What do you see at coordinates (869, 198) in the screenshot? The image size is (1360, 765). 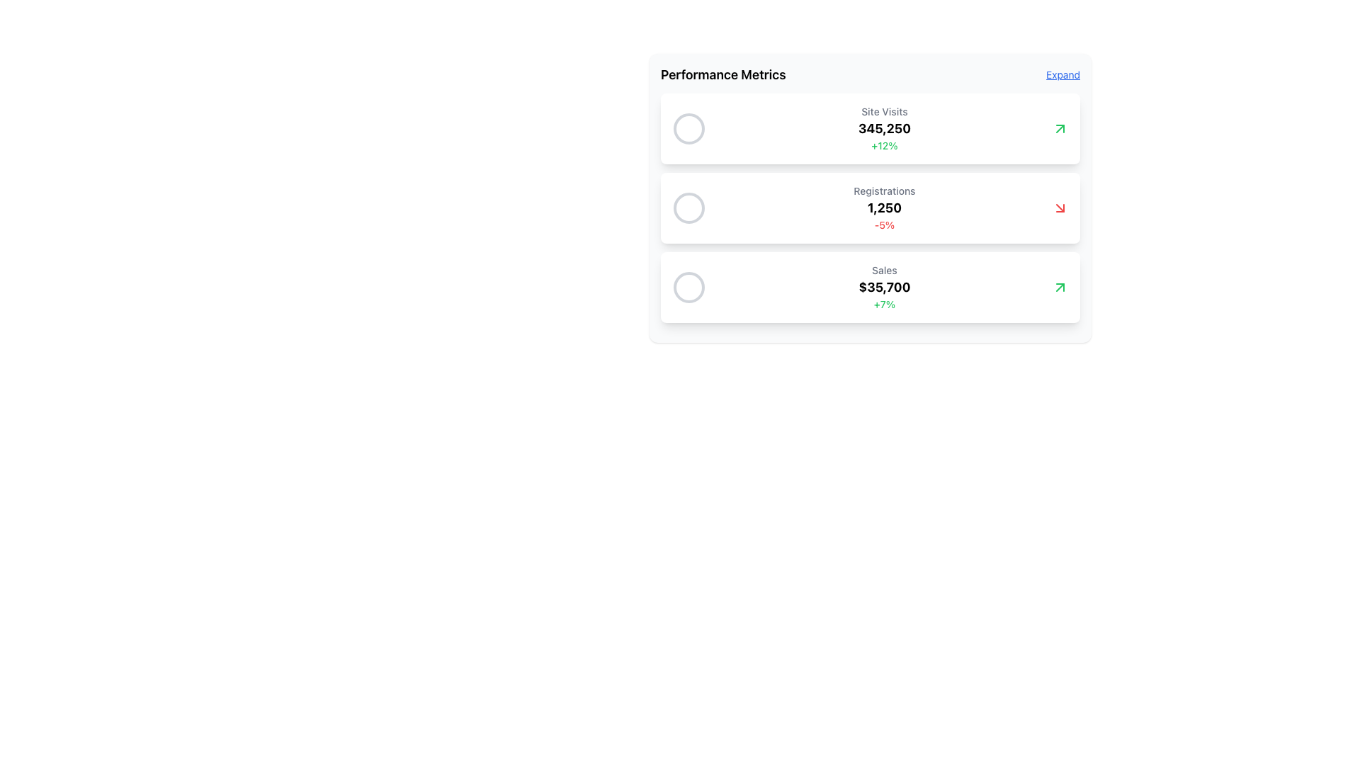 I see `the information displayed in the second card with a gray background and rounded corners, located beneath the 'Site Visits' card and above the 'Sales' card` at bounding box center [869, 198].